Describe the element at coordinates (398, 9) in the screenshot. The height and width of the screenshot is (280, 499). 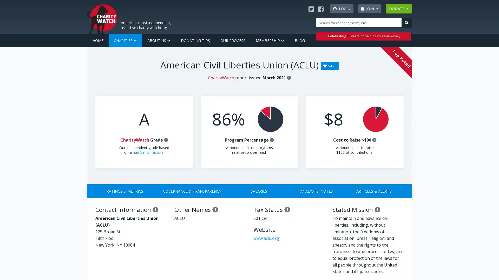
I see `DONATE` at that location.